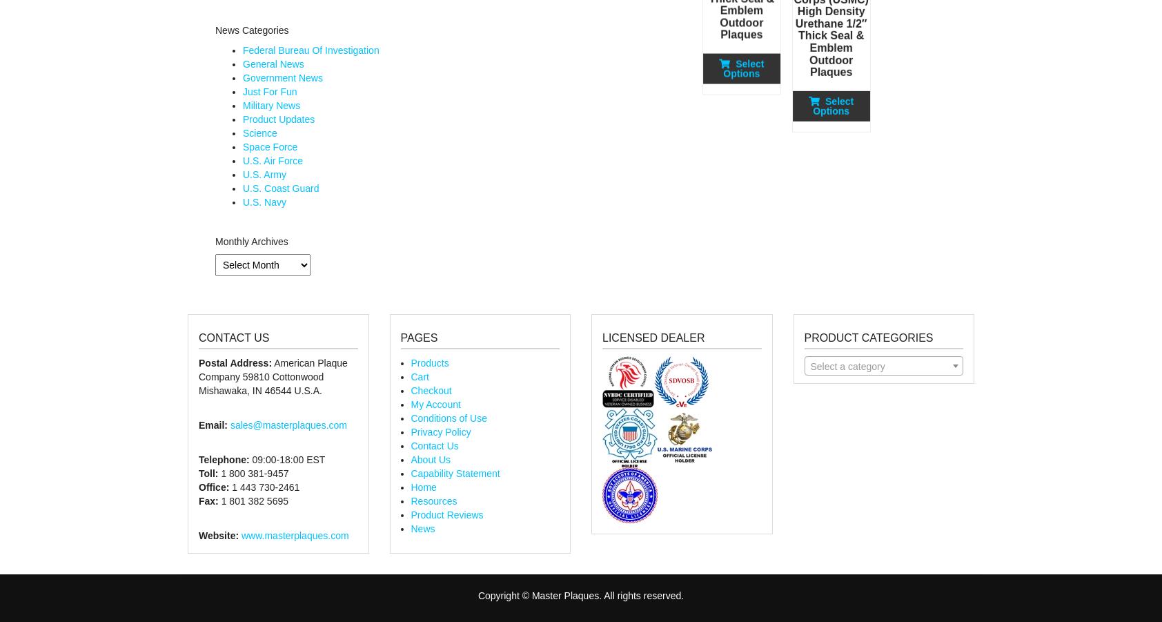 The width and height of the screenshot is (1162, 622). Describe the element at coordinates (264, 487) in the screenshot. I see `'1 443 730-2461'` at that location.